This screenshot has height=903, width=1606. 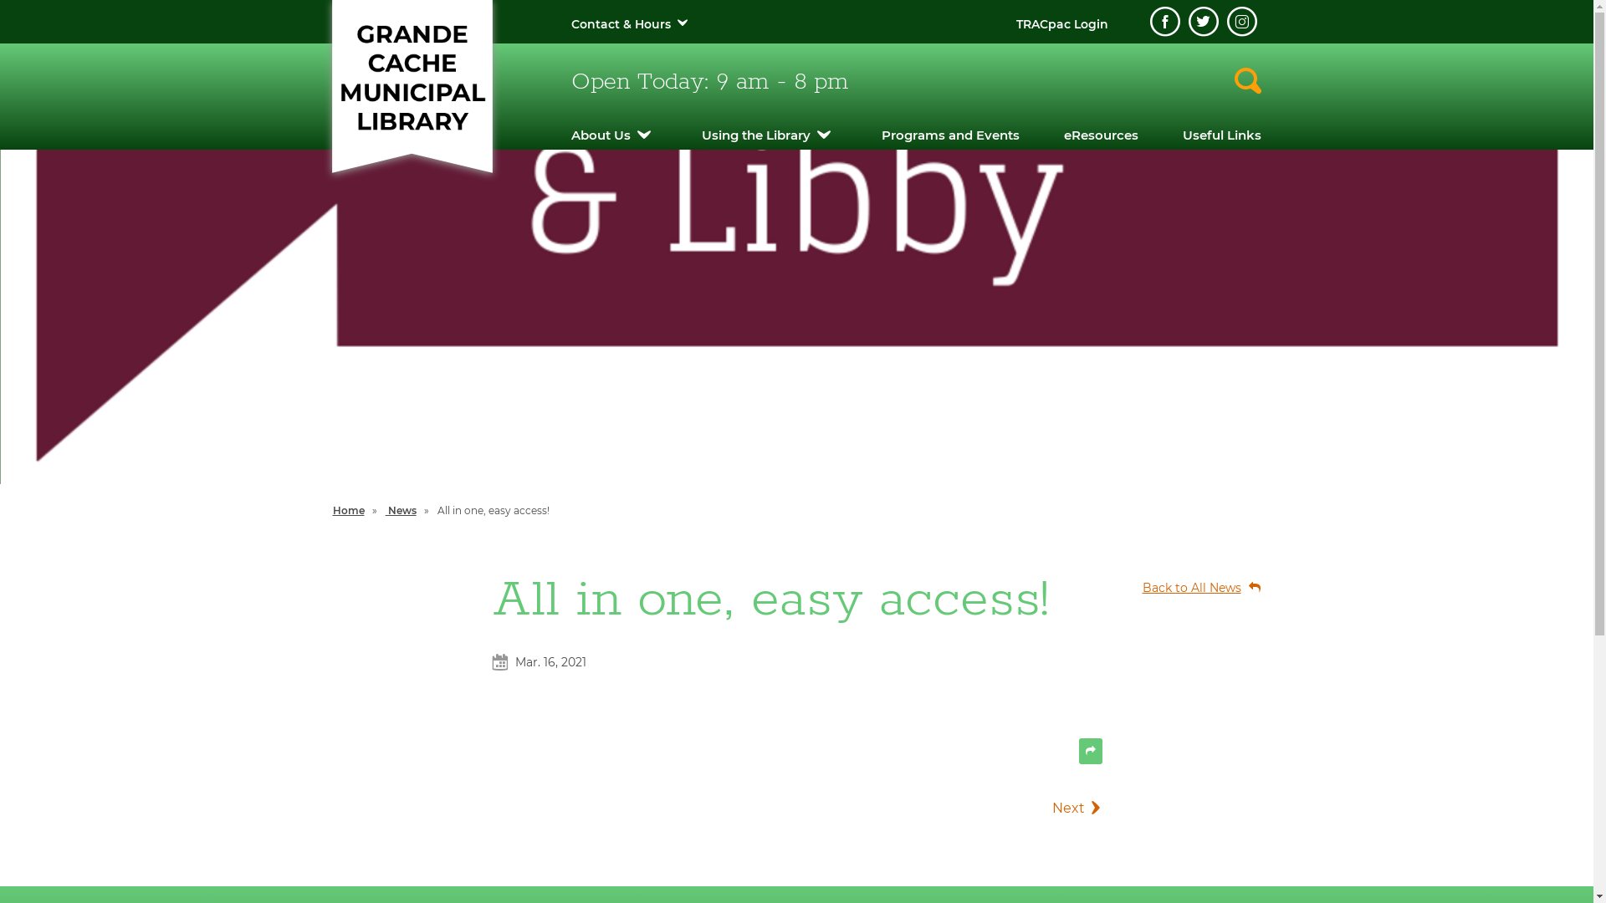 What do you see at coordinates (1240, 22) in the screenshot?
I see `'Instagram'` at bounding box center [1240, 22].